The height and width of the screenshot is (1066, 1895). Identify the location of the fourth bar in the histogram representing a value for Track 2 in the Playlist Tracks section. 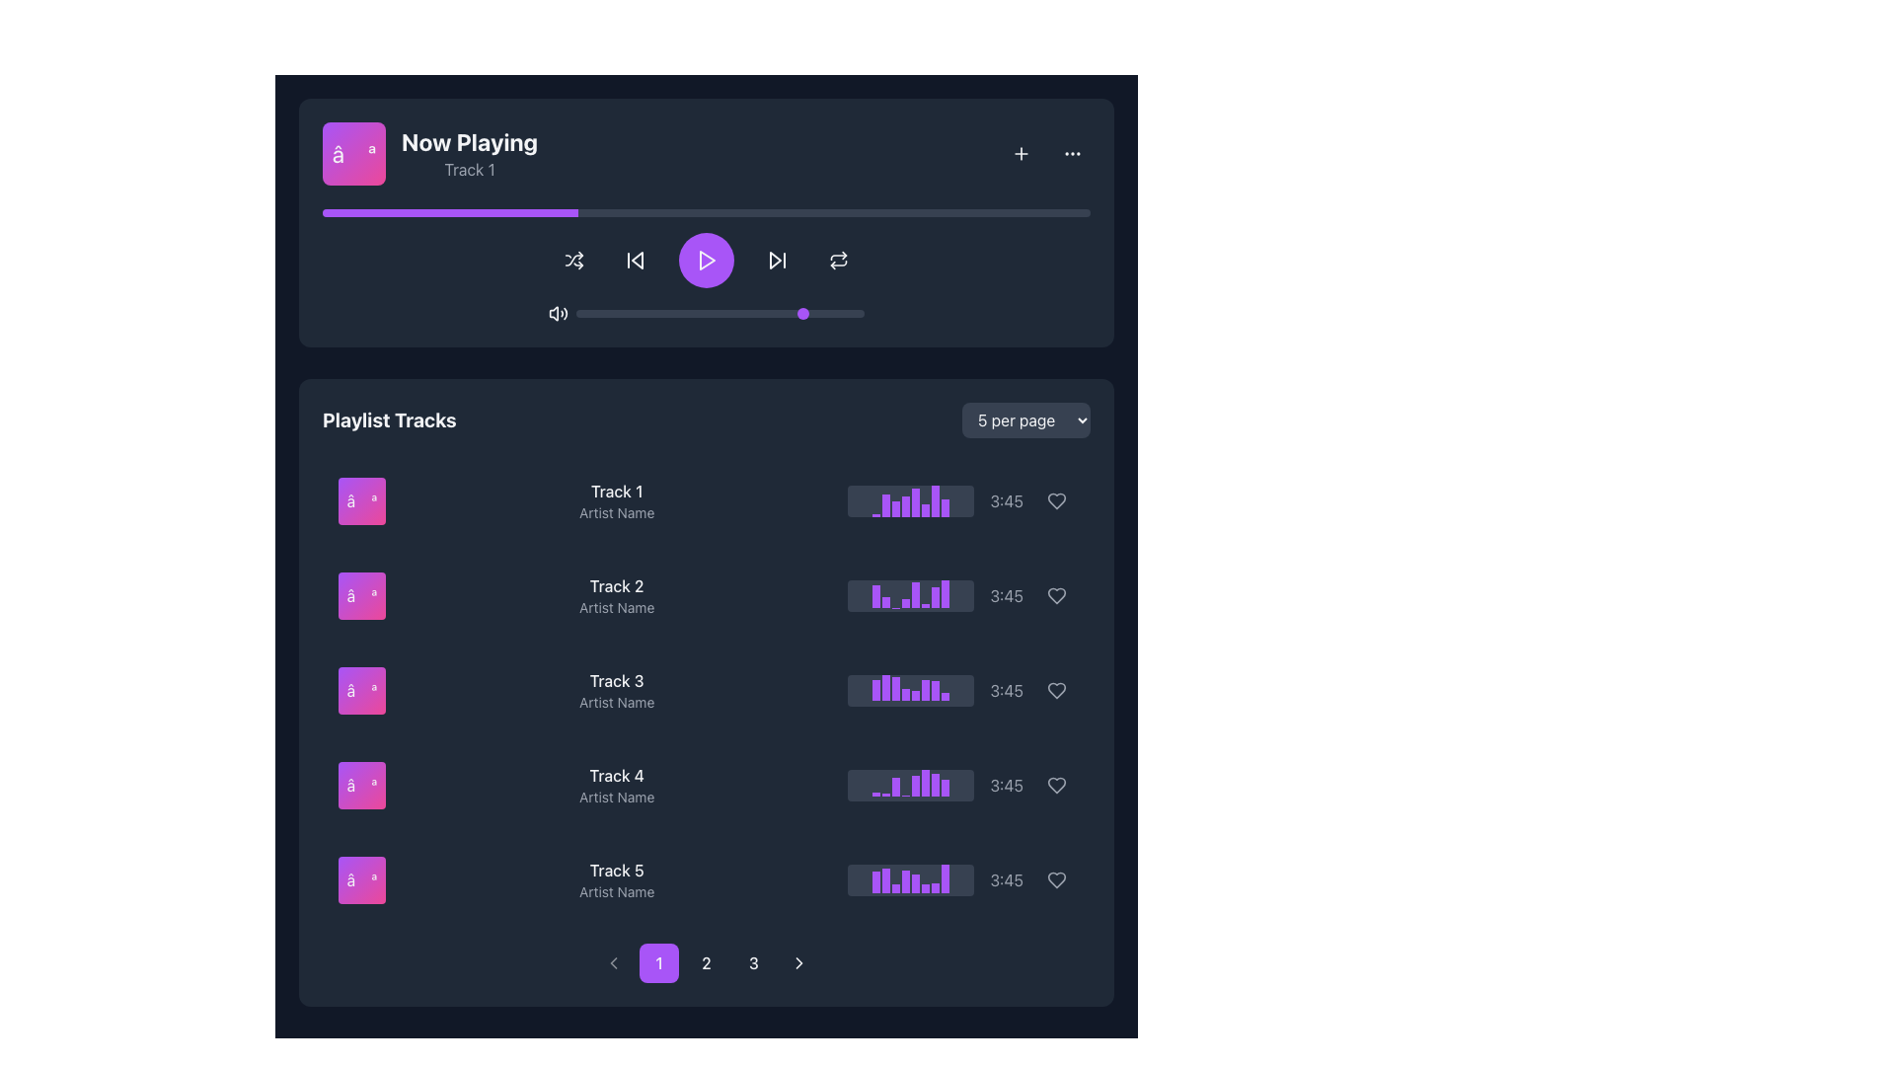
(905, 602).